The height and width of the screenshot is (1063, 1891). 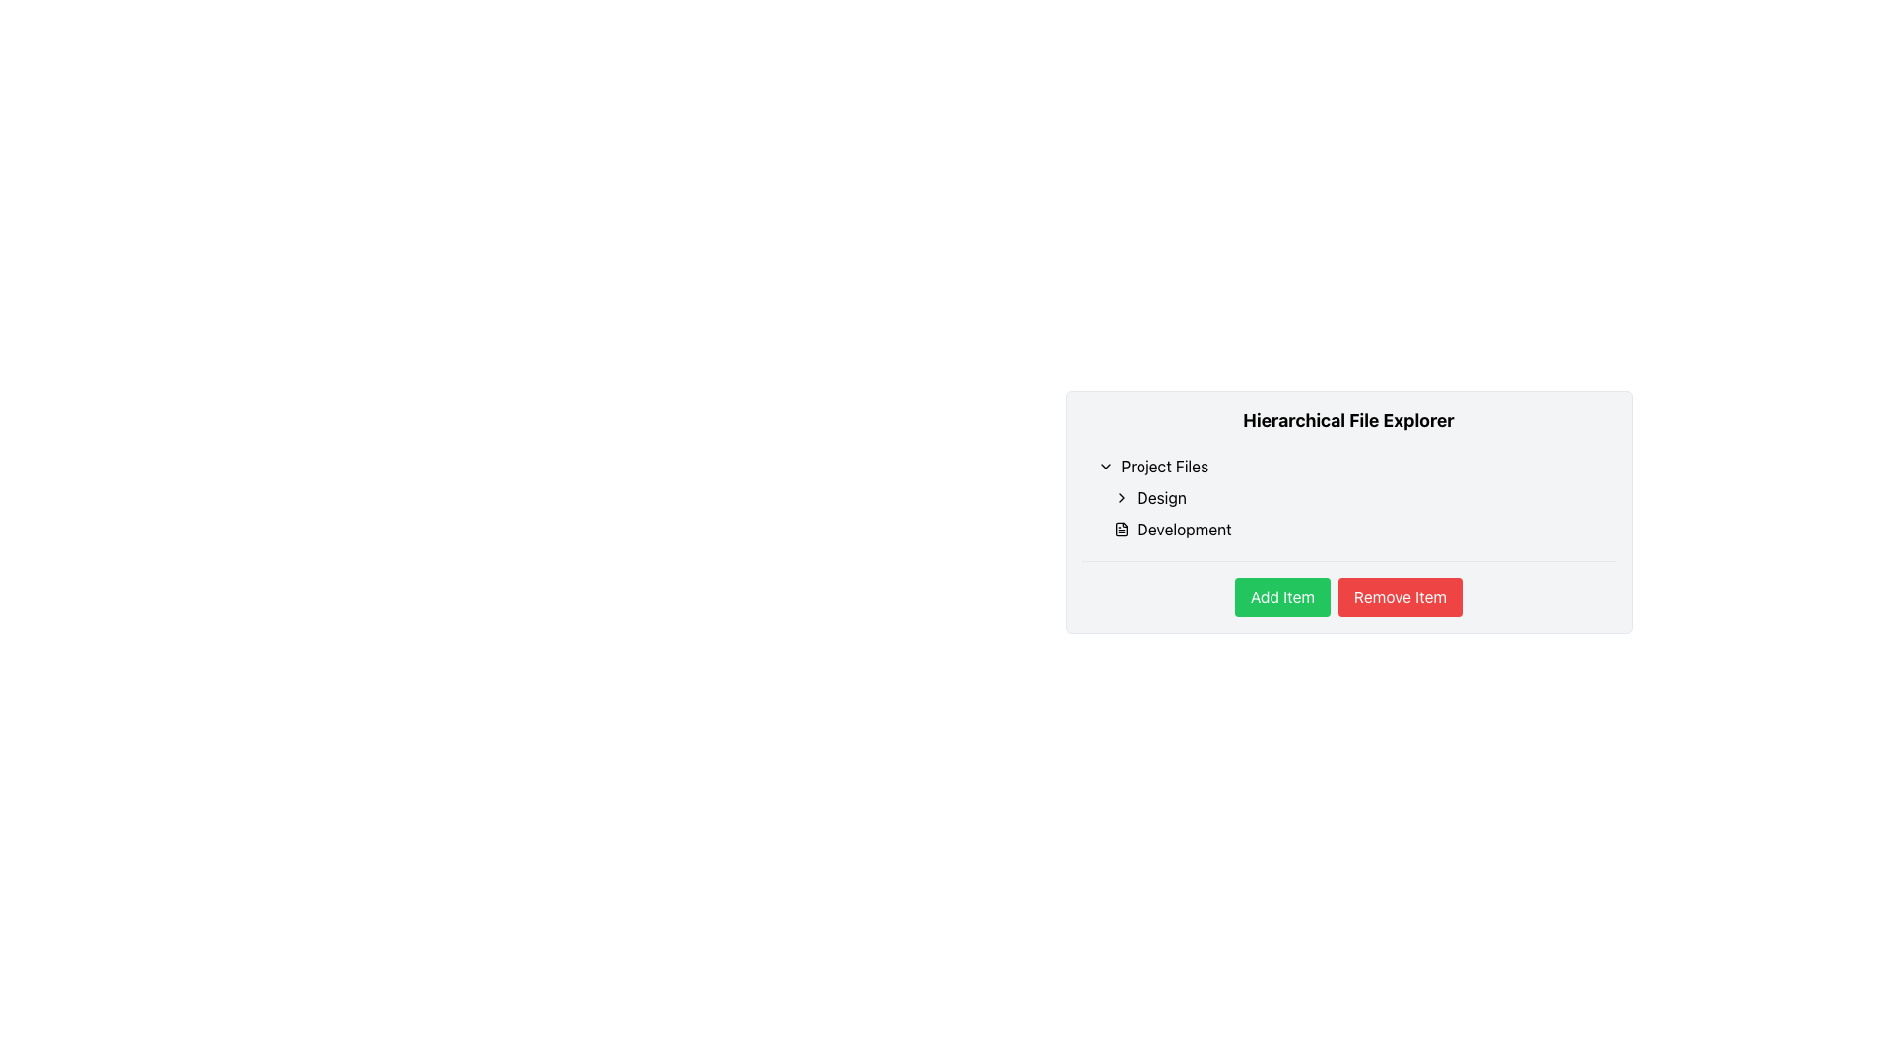 I want to click on the 'Add Item' button, which is a rectangular button with a green background and white text, located in the bottom row of the 'Hierarchical File Explorer' section, so click(x=1282, y=595).